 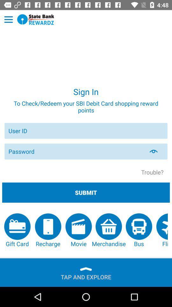 What do you see at coordinates (47, 230) in the screenshot?
I see `item next to movie item` at bounding box center [47, 230].